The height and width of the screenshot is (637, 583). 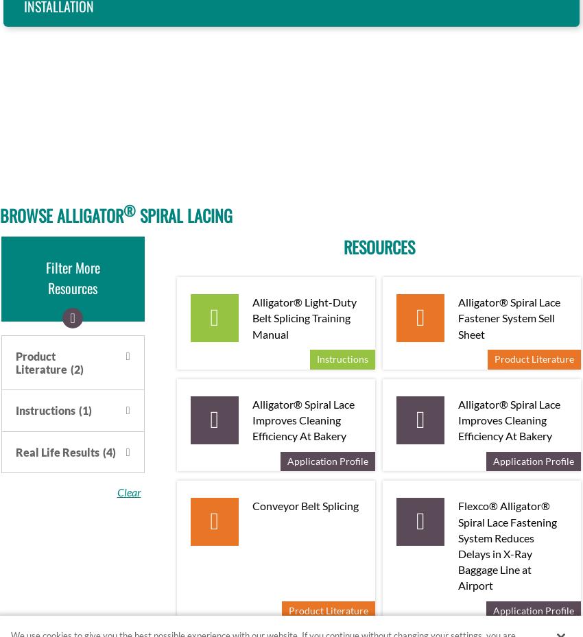 I want to click on 'Flexco® Alligator® Spiral Lace Fastening System Reduces Delays in X-Ray Baggage Line at Airport', so click(x=458, y=544).